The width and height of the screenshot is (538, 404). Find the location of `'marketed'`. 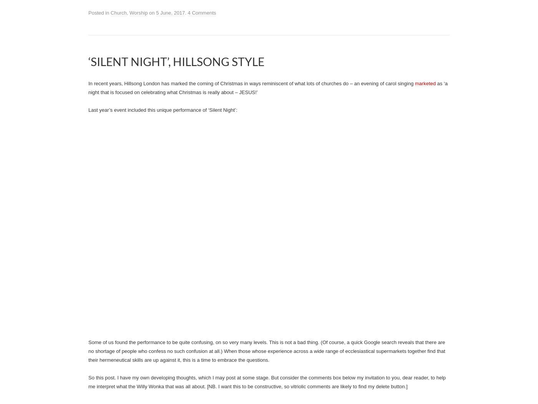

'marketed' is located at coordinates (425, 83).